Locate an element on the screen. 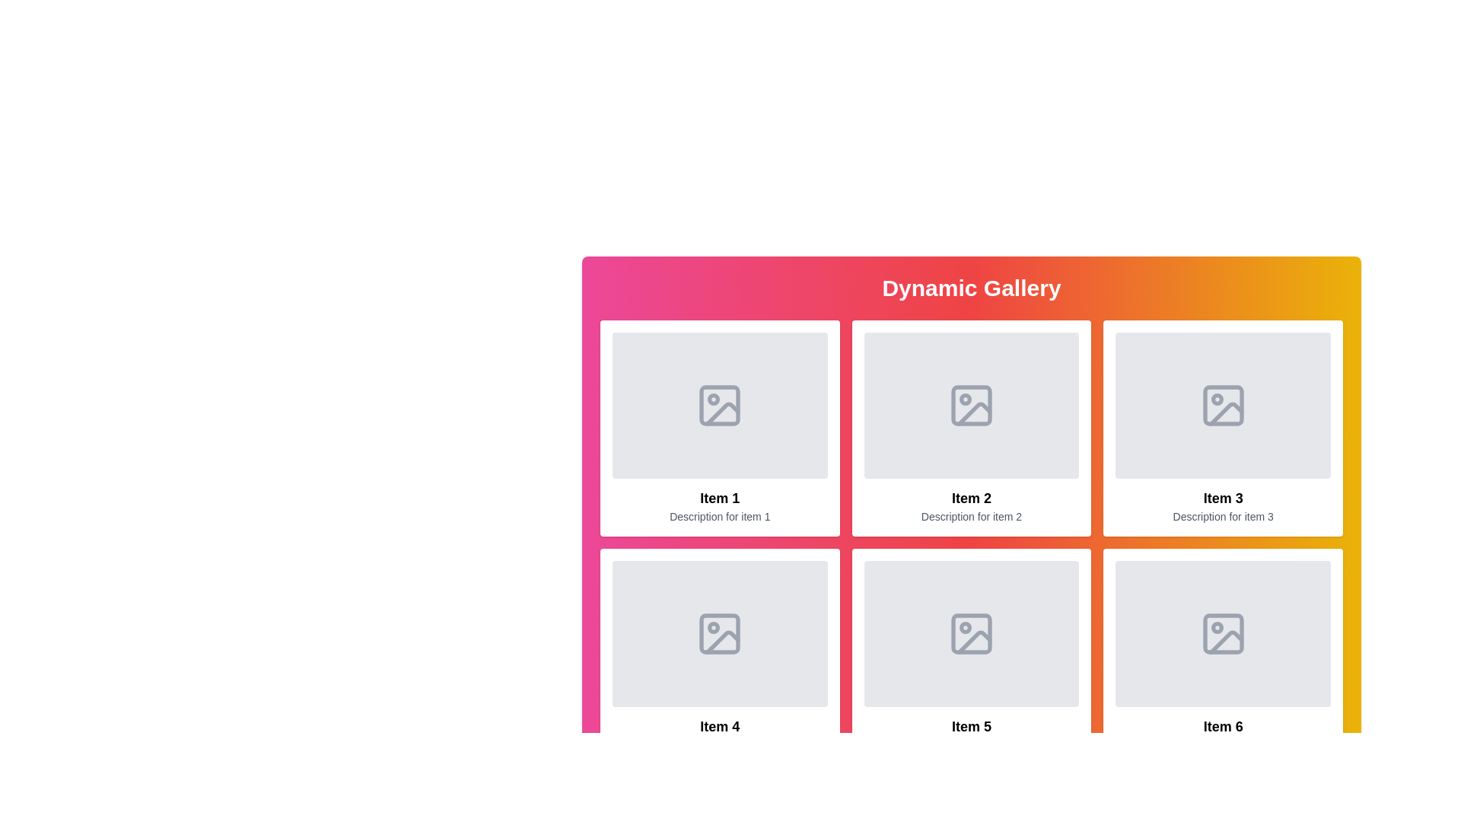 This screenshot has height=822, width=1461. the image placeholder located in the fifth item of the grid gallery layout is located at coordinates (970, 634).